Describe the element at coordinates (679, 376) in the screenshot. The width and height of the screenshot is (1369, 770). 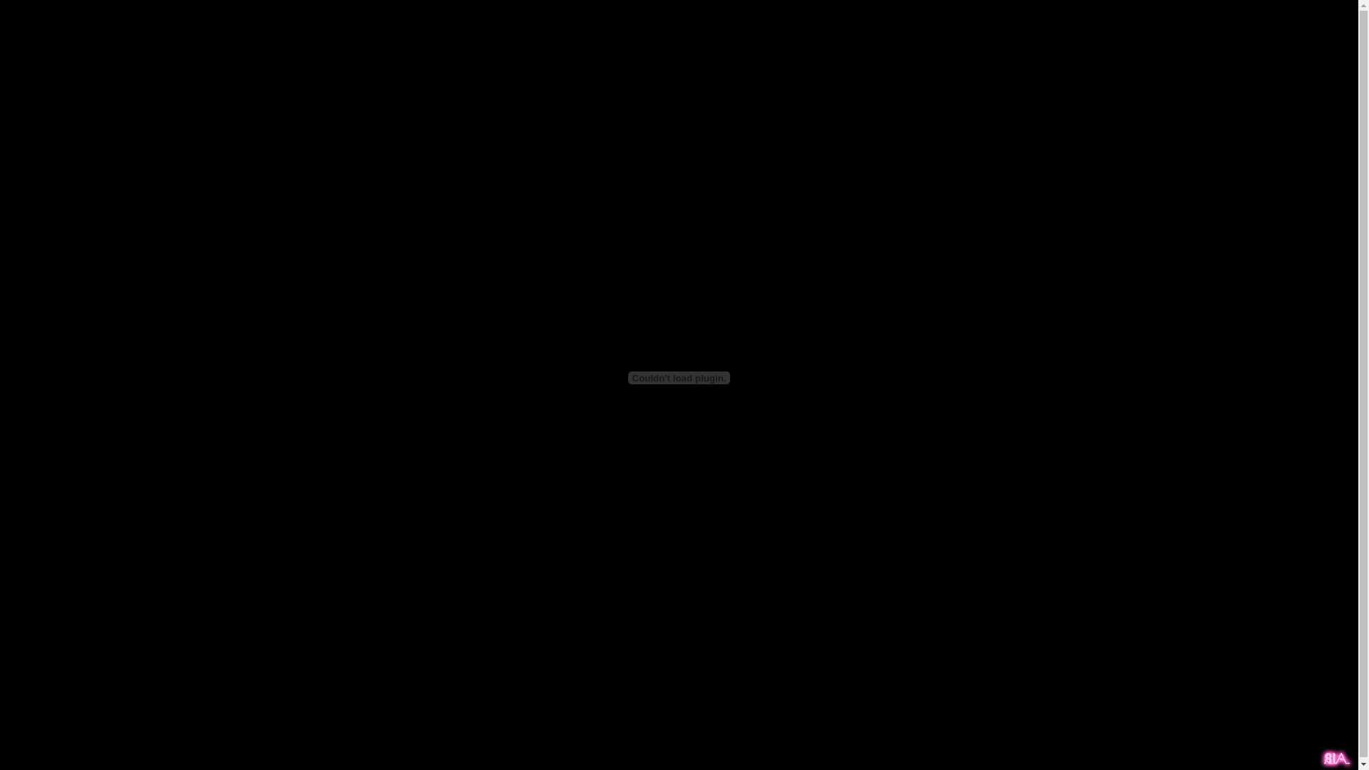
I see `'Adobe Flash Player'` at that location.